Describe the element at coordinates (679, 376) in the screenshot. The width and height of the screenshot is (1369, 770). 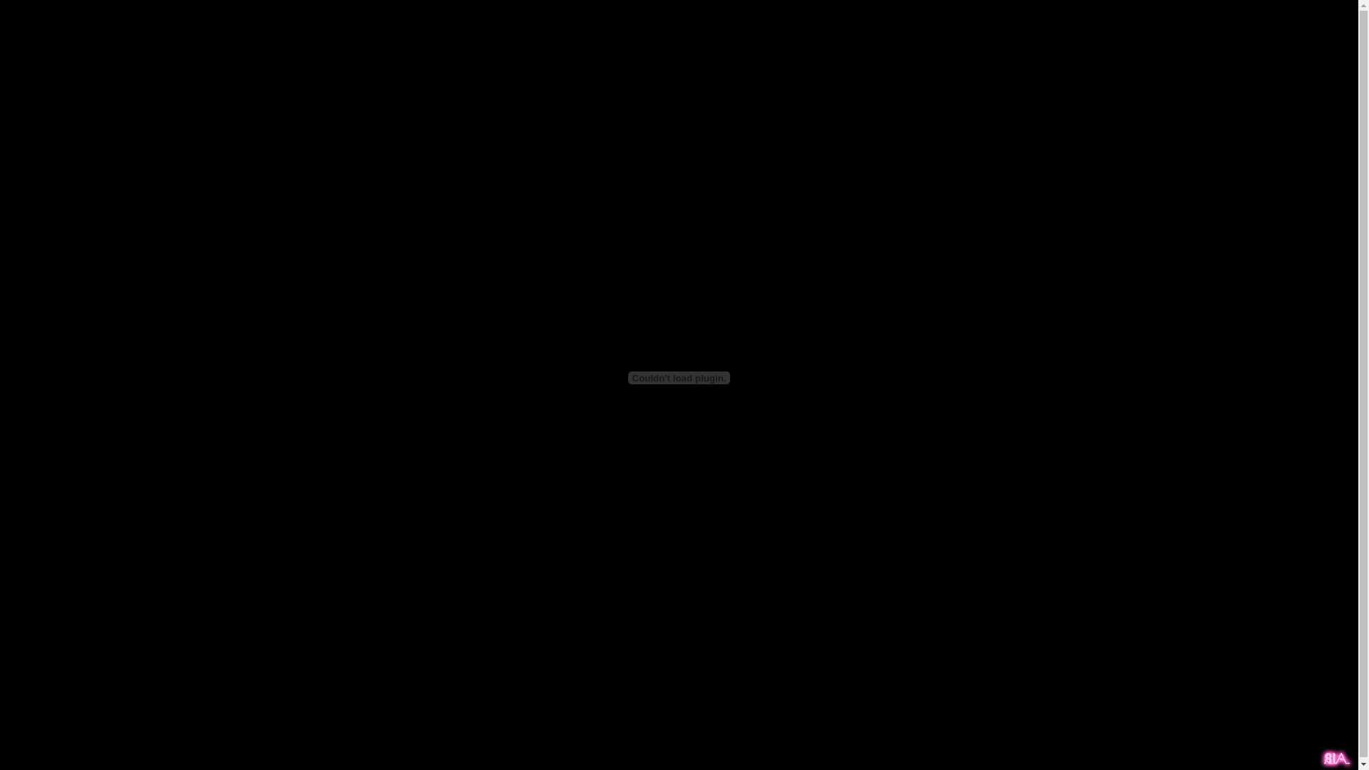
I see `'Adobe Flash Player'` at that location.